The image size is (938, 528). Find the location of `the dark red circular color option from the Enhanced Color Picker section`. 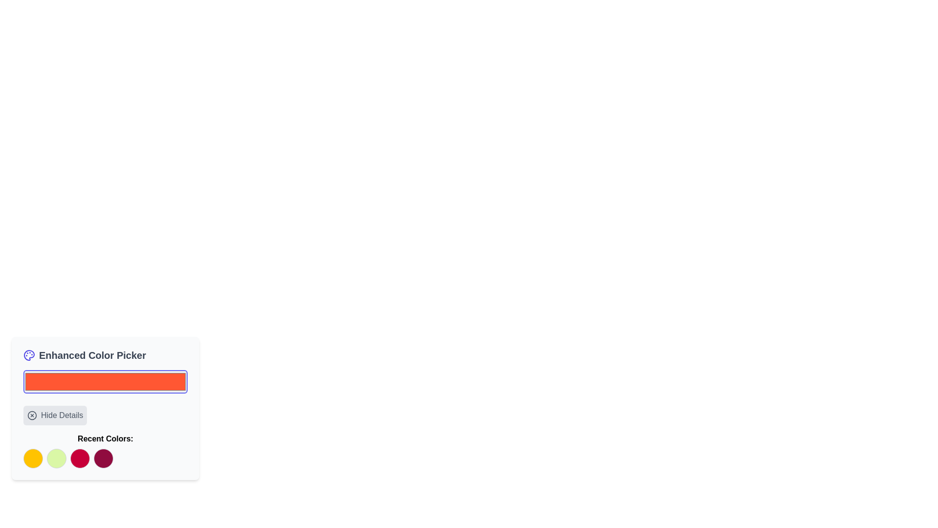

the dark red circular color option from the Enhanced Color Picker section is located at coordinates (103, 458).